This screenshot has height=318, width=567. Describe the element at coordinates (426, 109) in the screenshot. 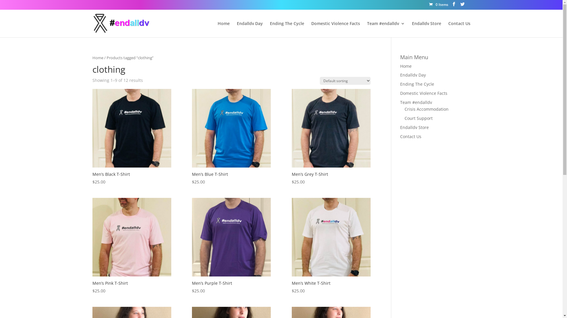

I see `'Crisis Accommodation'` at that location.